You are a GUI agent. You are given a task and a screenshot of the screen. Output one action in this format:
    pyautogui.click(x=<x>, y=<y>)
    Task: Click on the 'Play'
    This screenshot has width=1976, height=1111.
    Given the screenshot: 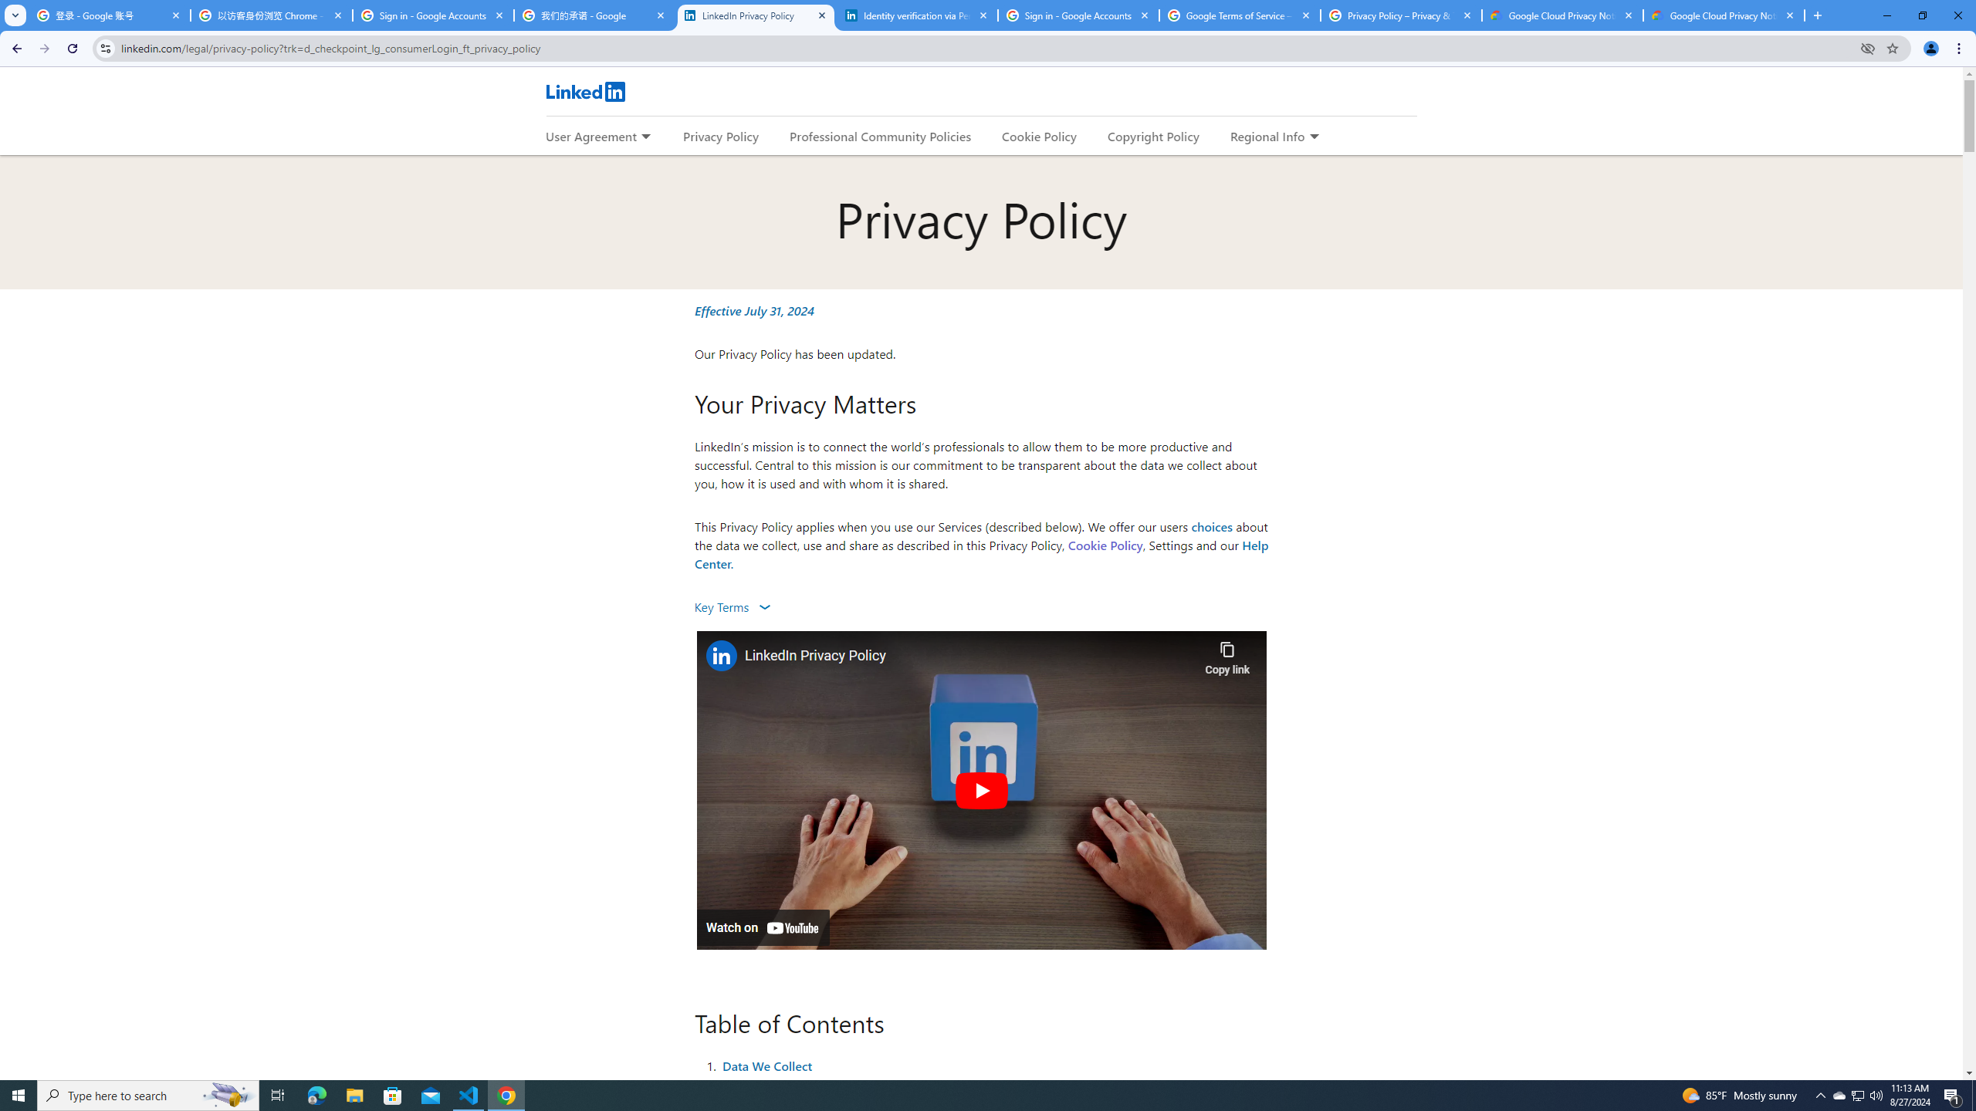 What is the action you would take?
    pyautogui.click(x=981, y=789)
    